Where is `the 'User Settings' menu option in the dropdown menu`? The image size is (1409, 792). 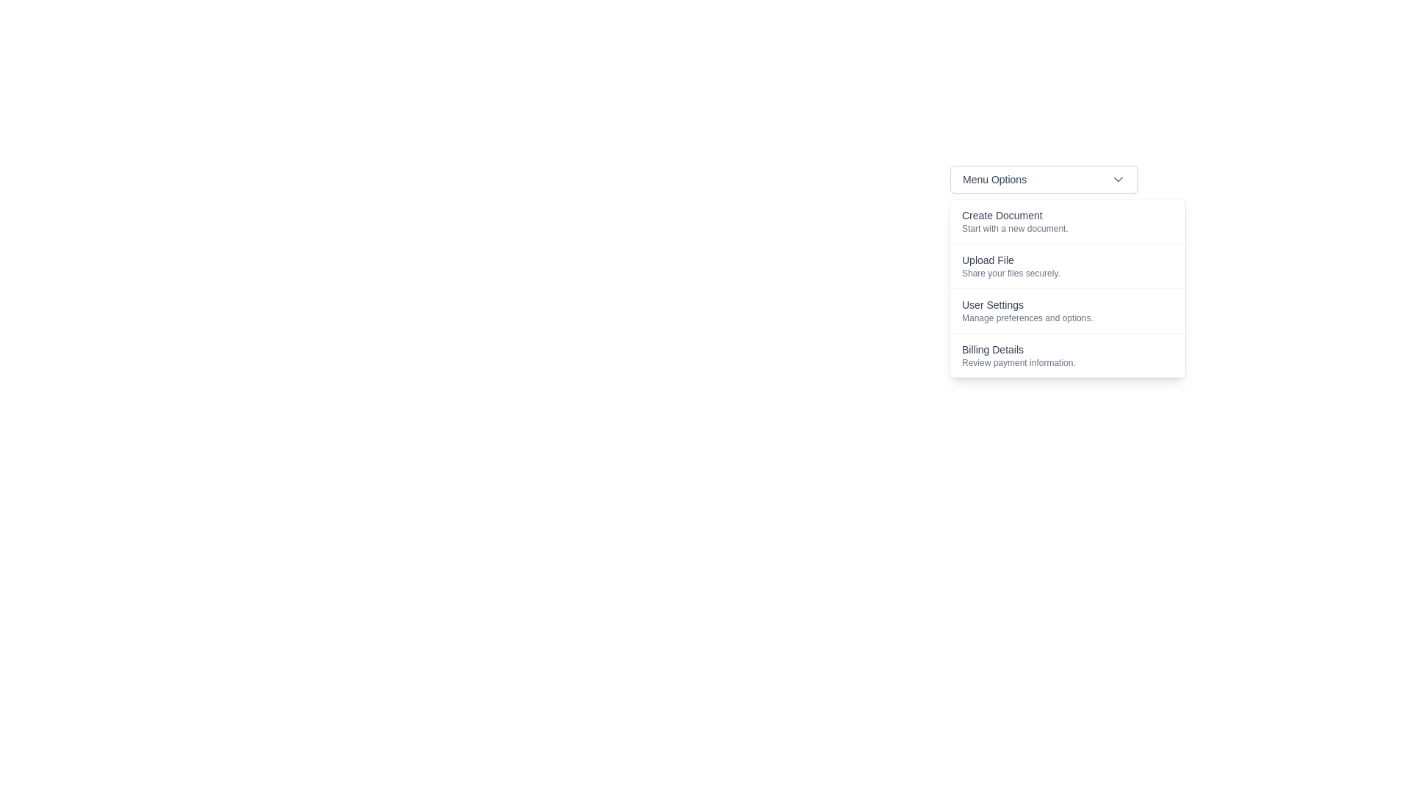
the 'User Settings' menu option in the dropdown menu is located at coordinates (1067, 309).